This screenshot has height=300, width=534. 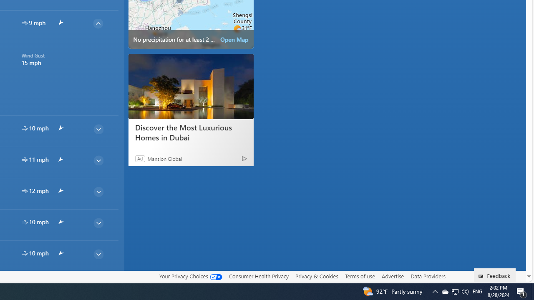 What do you see at coordinates (190, 276) in the screenshot?
I see `'Your Privacy Choices'` at bounding box center [190, 276].